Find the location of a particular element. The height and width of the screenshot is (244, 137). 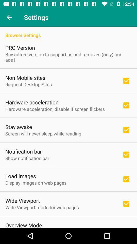

item above request desktop sites is located at coordinates (25, 78).